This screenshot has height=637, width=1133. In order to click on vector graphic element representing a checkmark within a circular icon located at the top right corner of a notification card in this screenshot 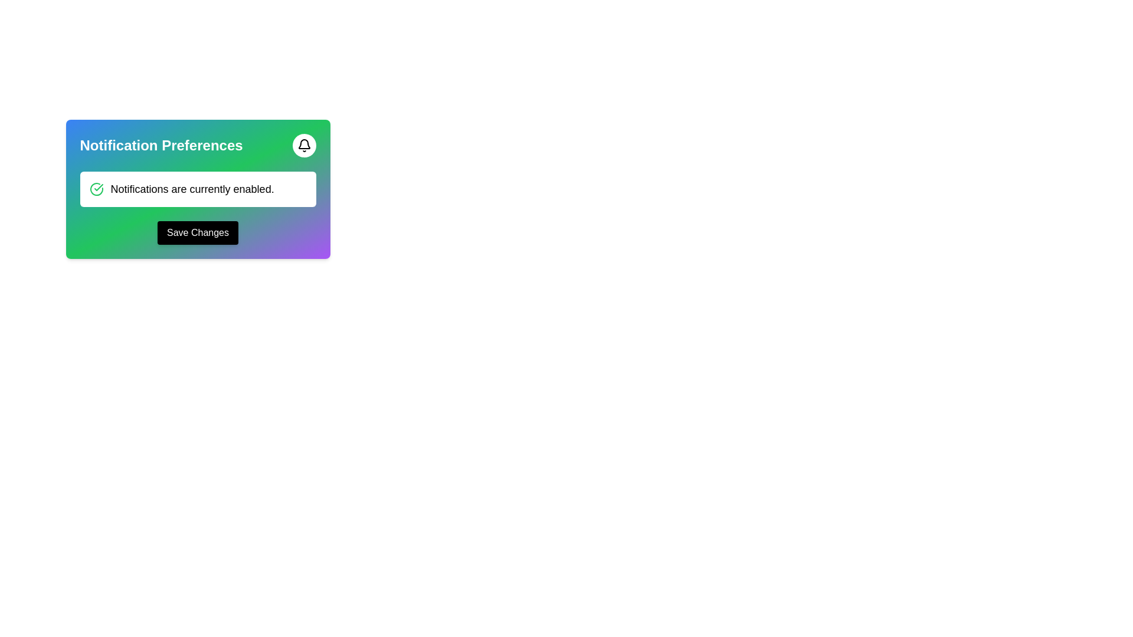, I will do `click(96, 188)`.